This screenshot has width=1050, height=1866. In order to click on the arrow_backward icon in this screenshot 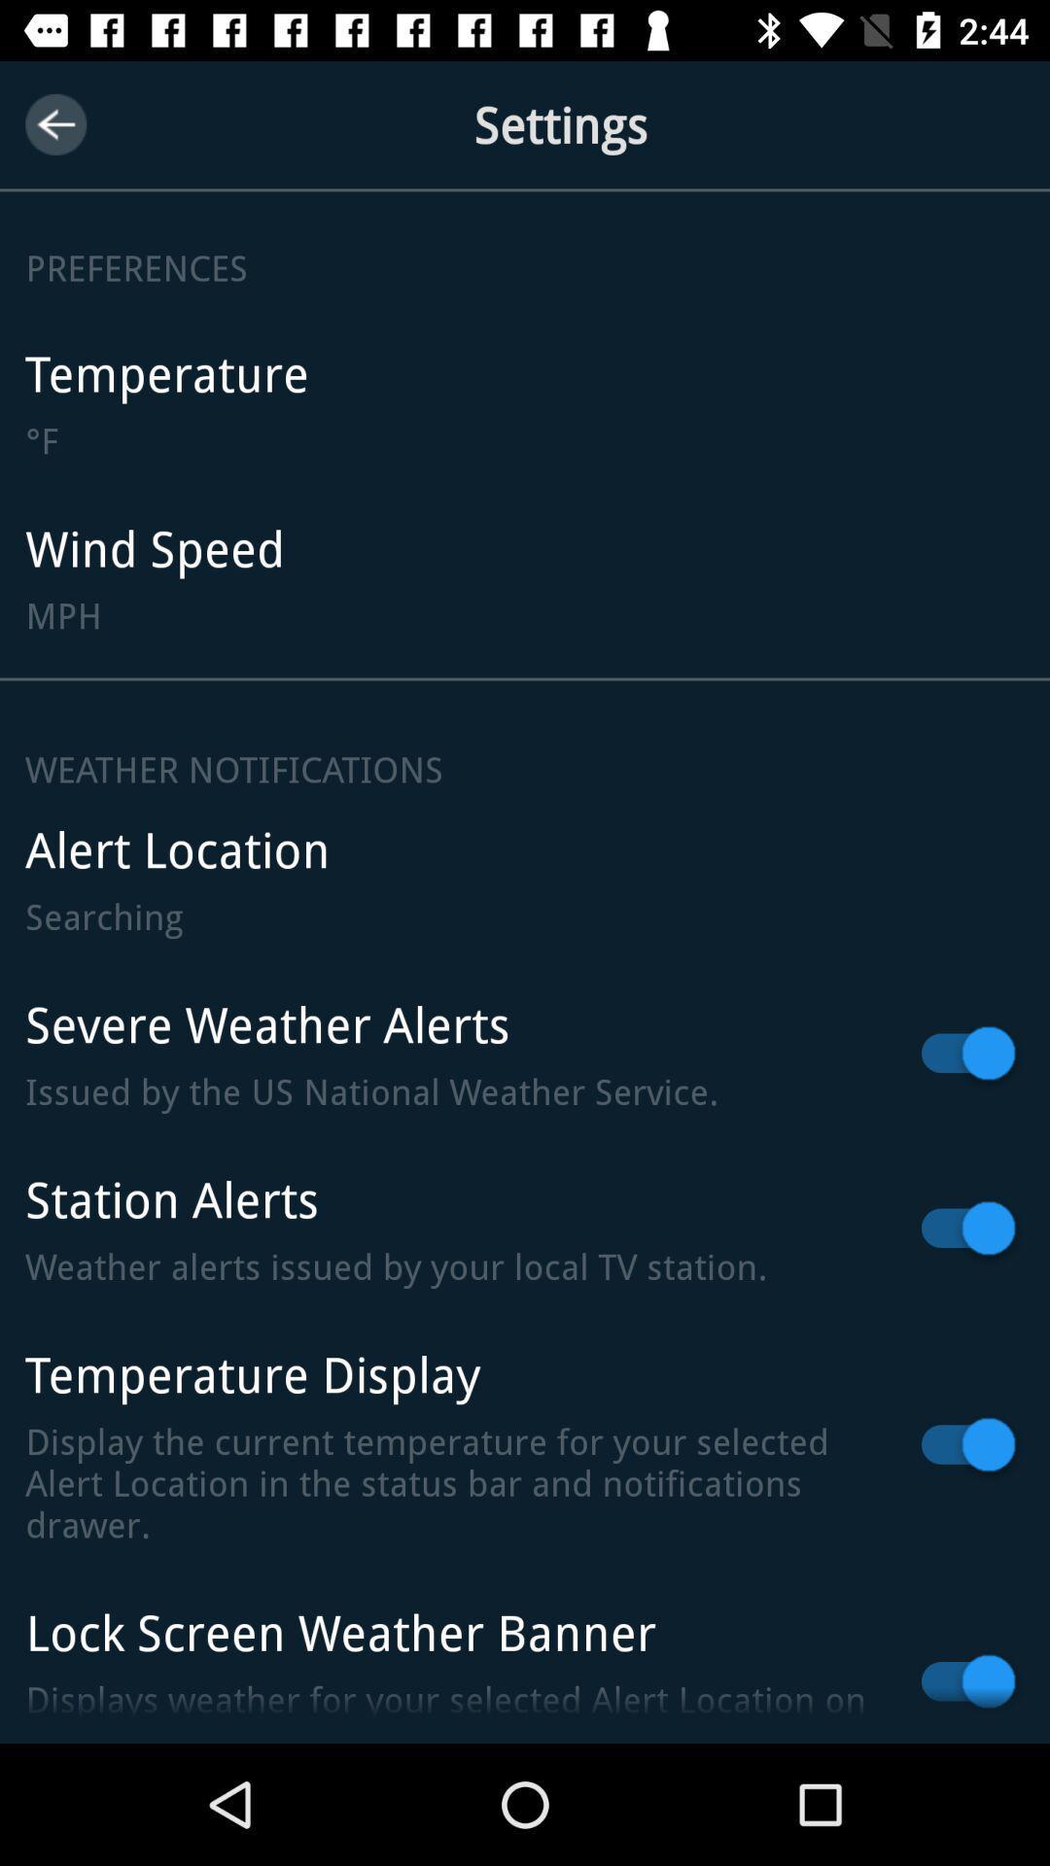, I will do `click(54, 123)`.